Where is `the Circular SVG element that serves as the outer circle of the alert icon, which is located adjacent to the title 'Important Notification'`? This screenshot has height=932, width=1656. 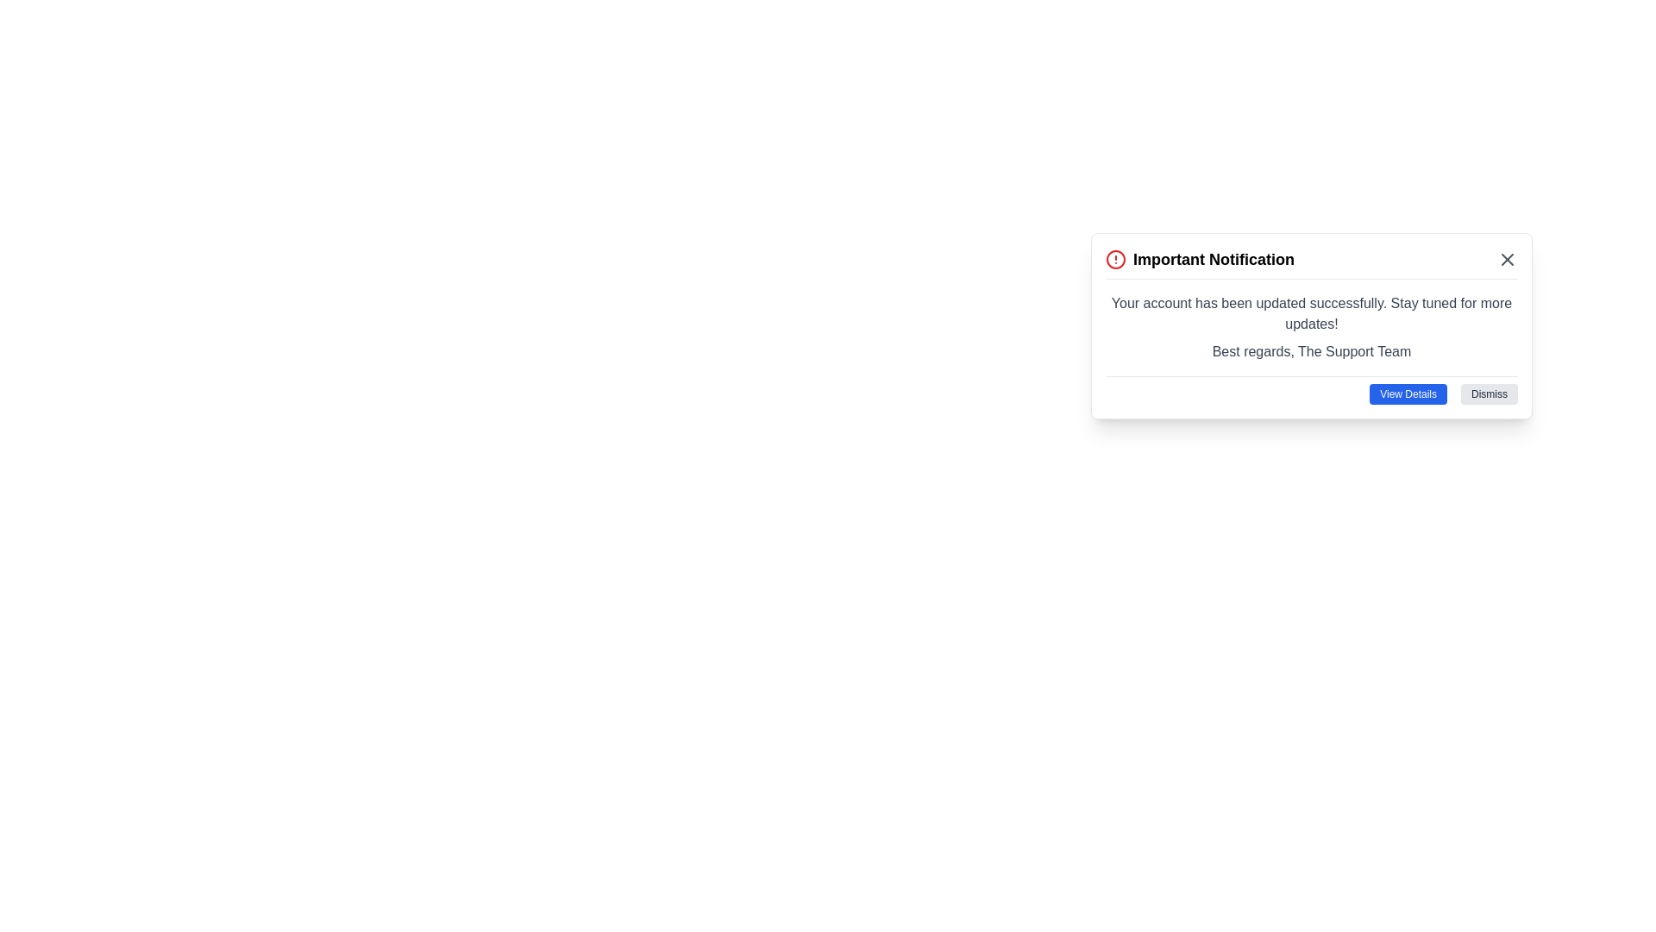 the Circular SVG element that serves as the outer circle of the alert icon, which is located adjacent to the title 'Important Notification' is located at coordinates (1116, 259).